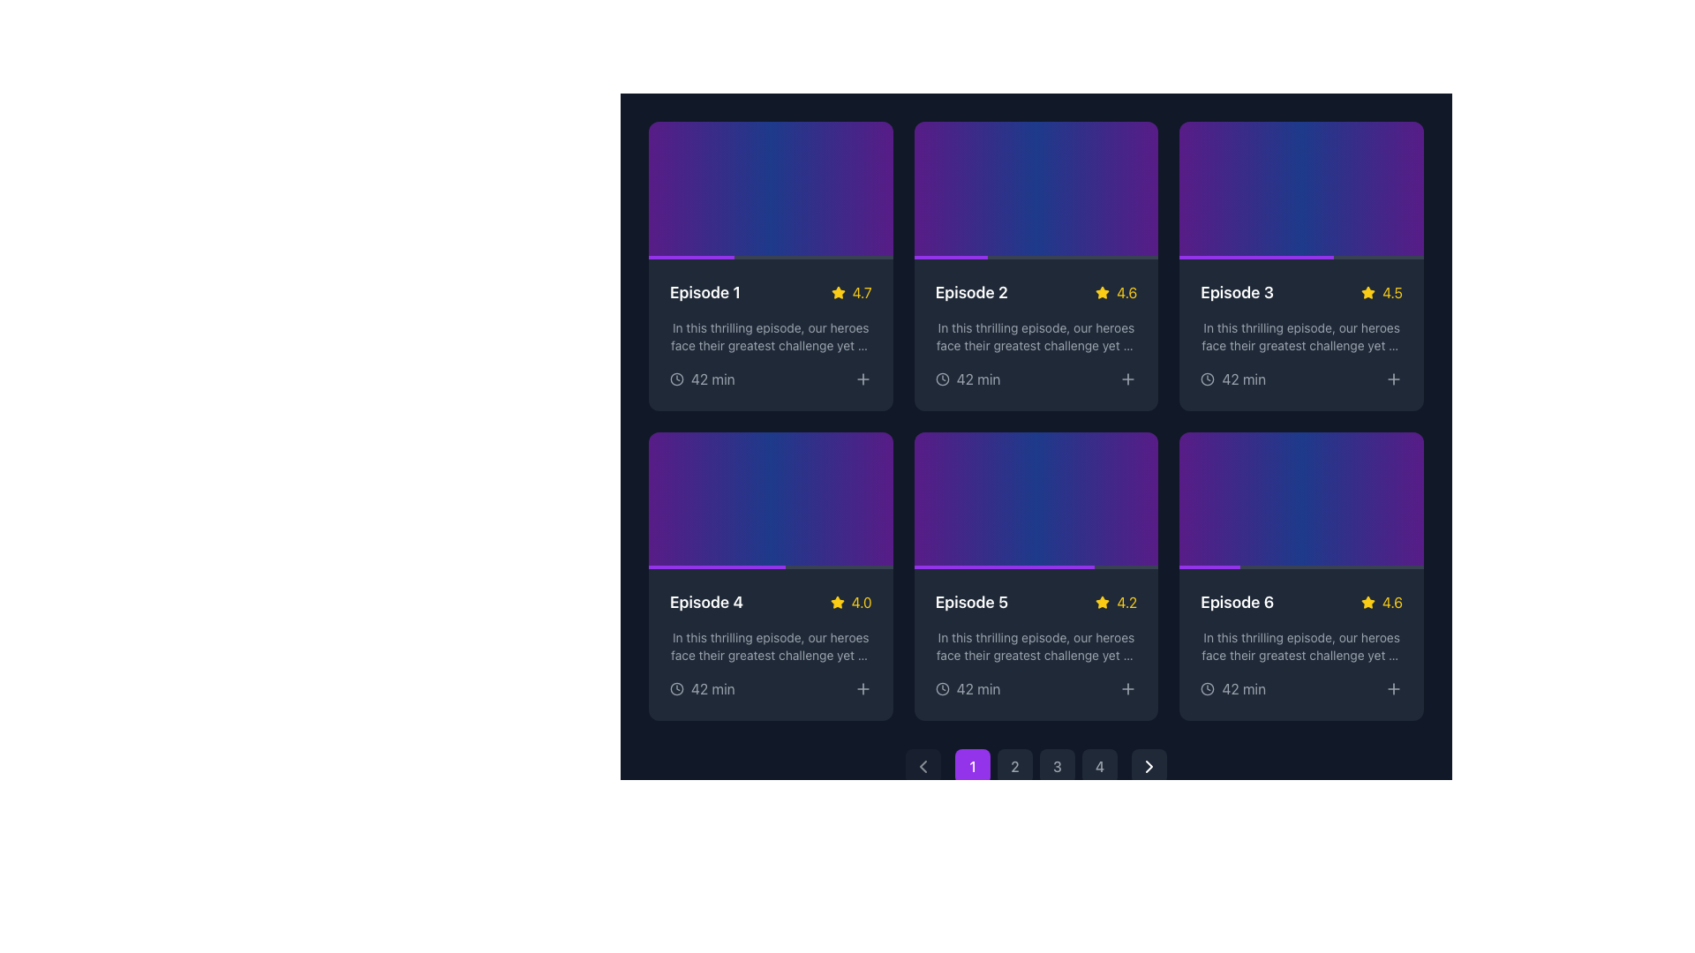  I want to click on the episode title and rating representation element located in the top right box of the episode grid labeled 'Episode 3', so click(1301, 291).